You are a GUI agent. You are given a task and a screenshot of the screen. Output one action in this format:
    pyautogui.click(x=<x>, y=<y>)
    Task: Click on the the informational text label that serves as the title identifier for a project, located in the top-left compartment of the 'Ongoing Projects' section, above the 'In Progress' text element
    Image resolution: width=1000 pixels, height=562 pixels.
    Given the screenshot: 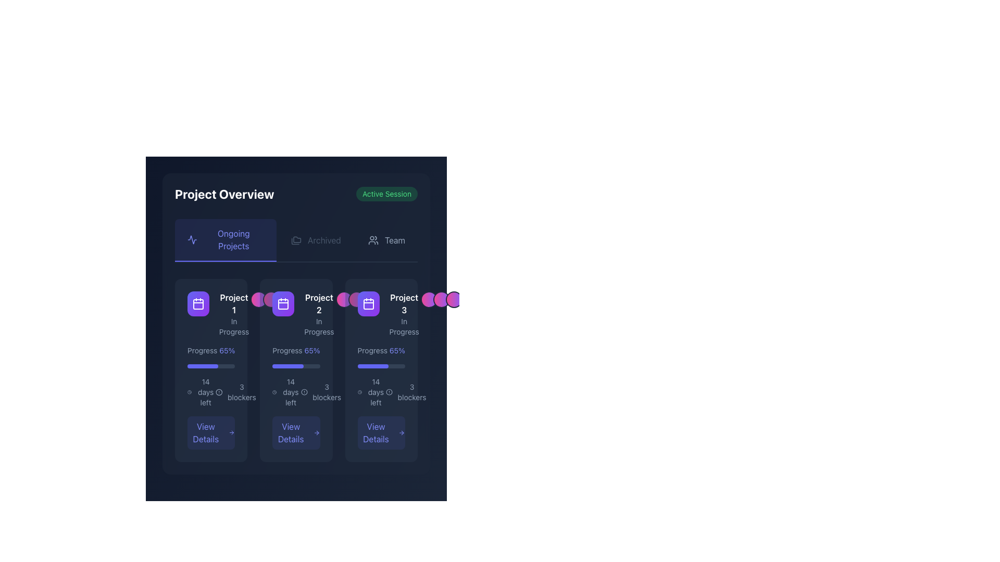 What is the action you would take?
    pyautogui.click(x=233, y=303)
    